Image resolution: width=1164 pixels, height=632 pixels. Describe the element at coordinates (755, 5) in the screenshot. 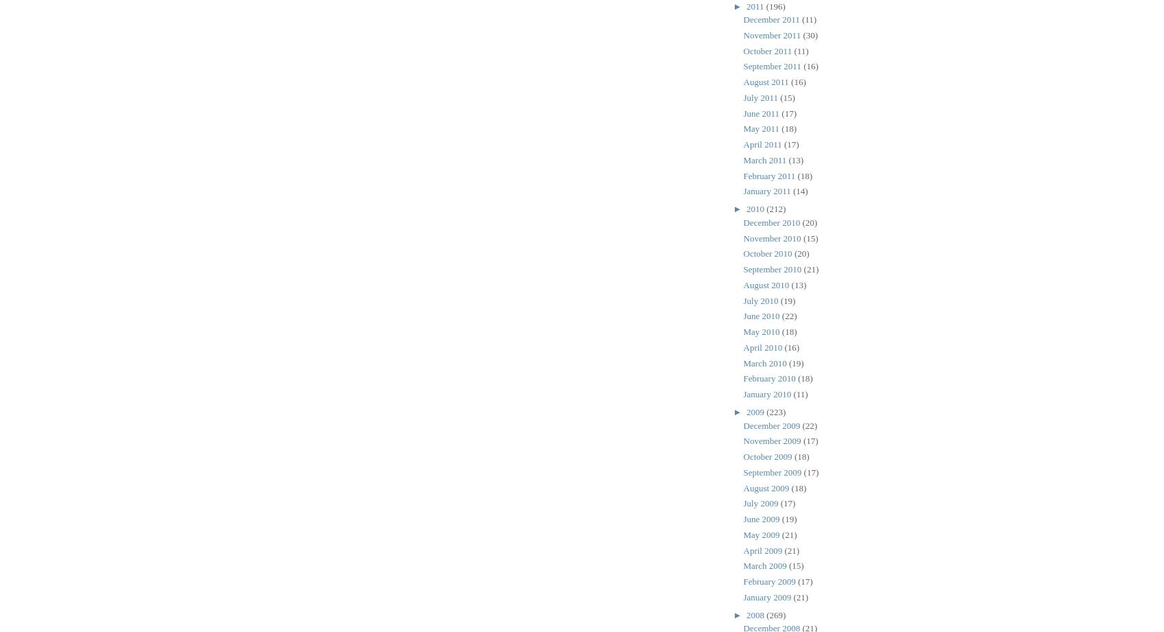

I see `'2011'` at that location.